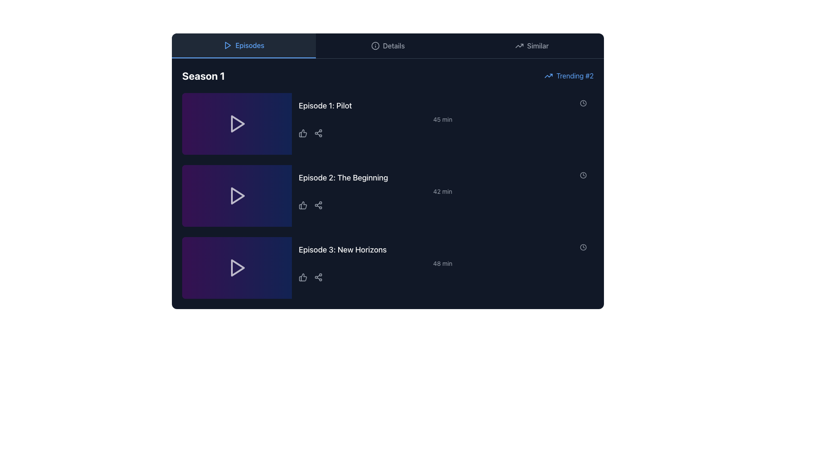  What do you see at coordinates (228, 45) in the screenshot?
I see `the triangular play icon outlined in light blue located in the top left section of the 'Episodes' tab navigation bar` at bounding box center [228, 45].